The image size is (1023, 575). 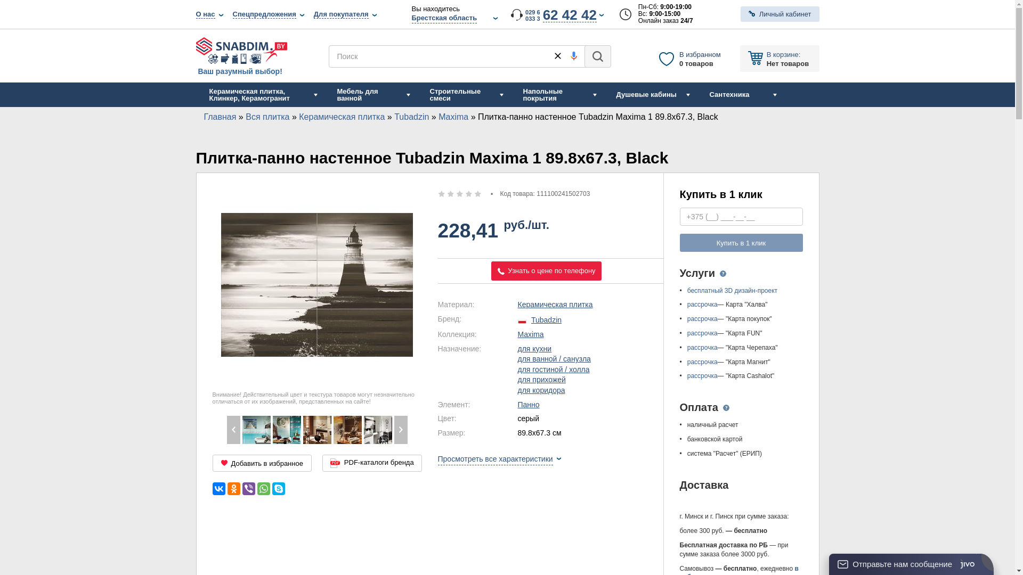 What do you see at coordinates (233, 429) in the screenshot?
I see `'Previous'` at bounding box center [233, 429].